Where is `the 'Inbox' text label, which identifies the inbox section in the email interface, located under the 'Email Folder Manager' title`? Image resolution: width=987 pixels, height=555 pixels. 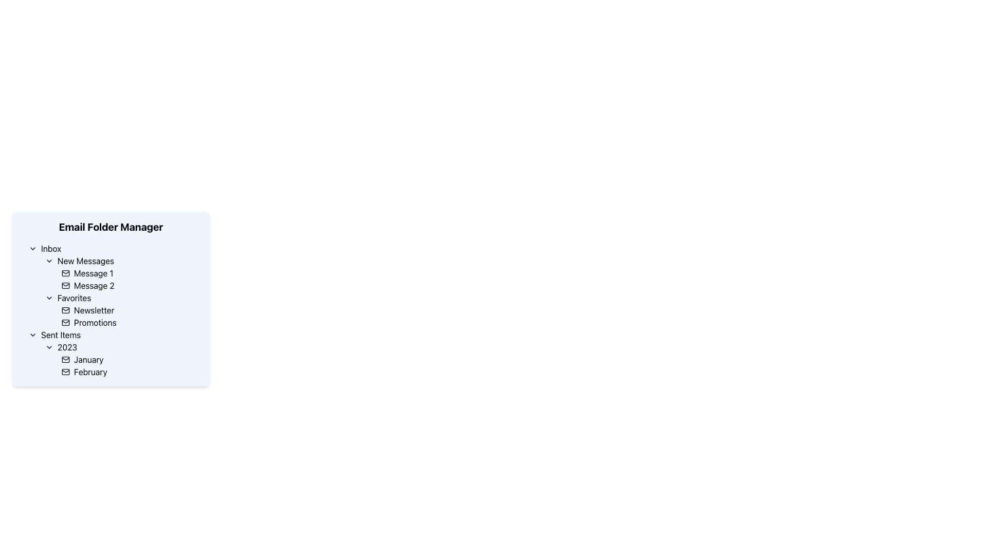
the 'Inbox' text label, which identifies the inbox section in the email interface, located under the 'Email Folder Manager' title is located at coordinates (50, 248).